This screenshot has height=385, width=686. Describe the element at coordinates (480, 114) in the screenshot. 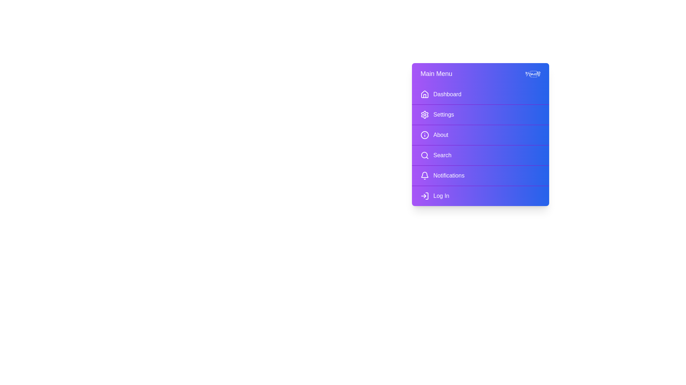

I see `the menu item Settings to navigate` at that location.